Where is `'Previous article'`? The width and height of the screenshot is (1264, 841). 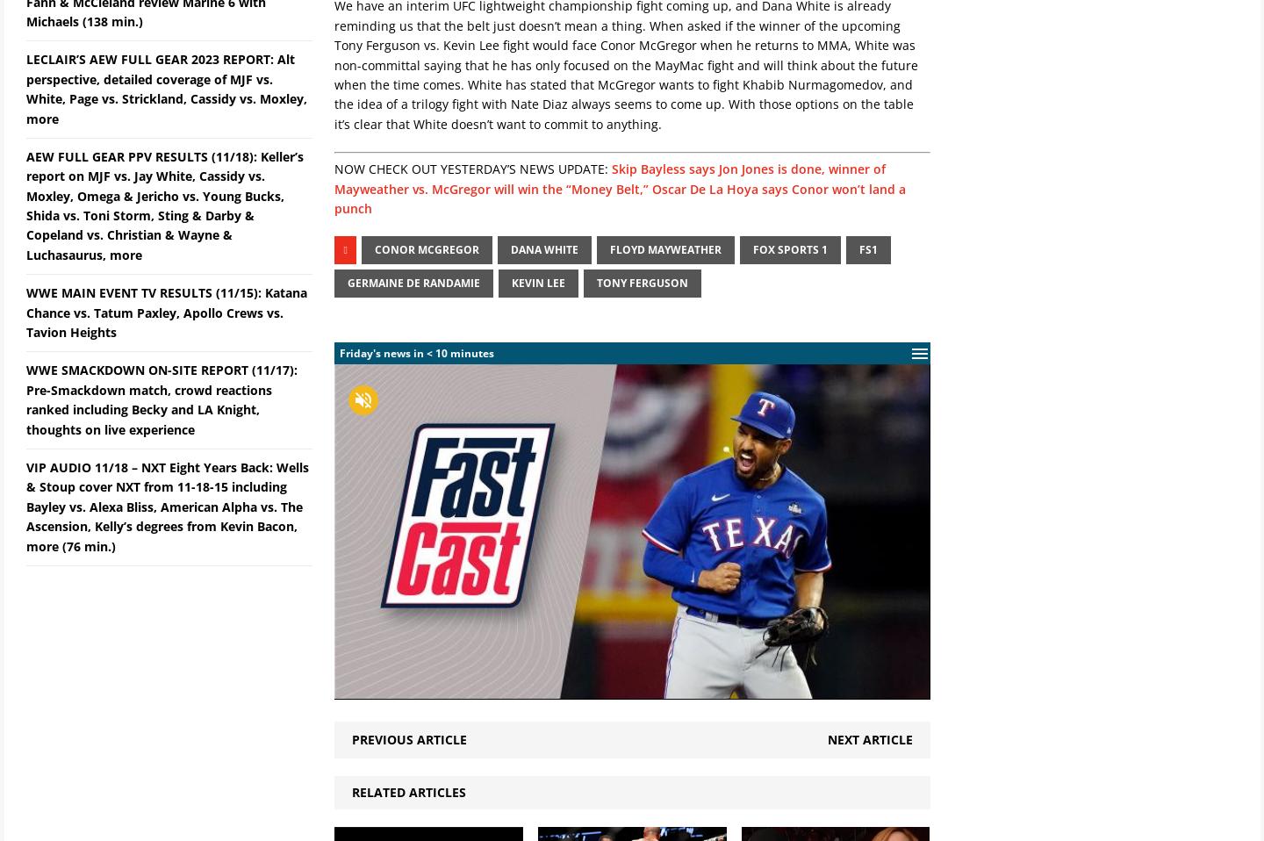 'Previous article' is located at coordinates (409, 737).